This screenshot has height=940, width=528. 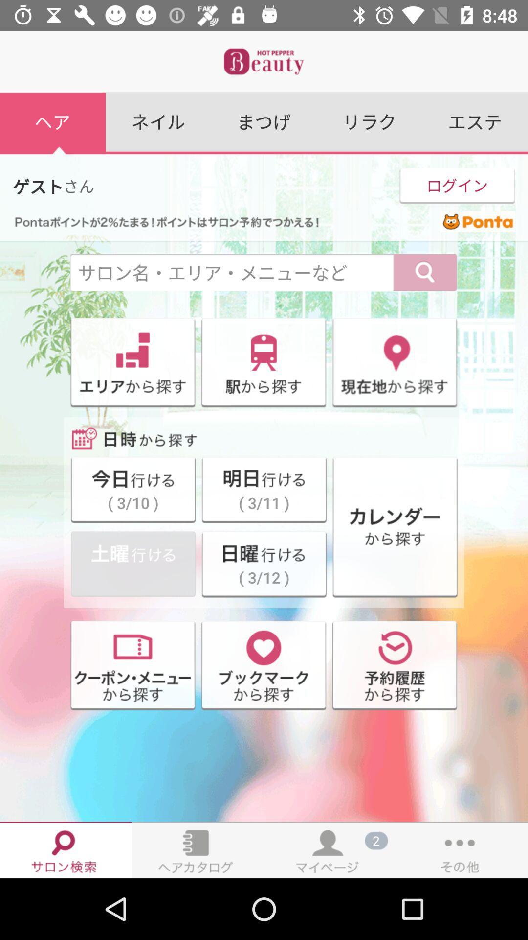 What do you see at coordinates (263, 666) in the screenshot?
I see `the favorite icon` at bounding box center [263, 666].